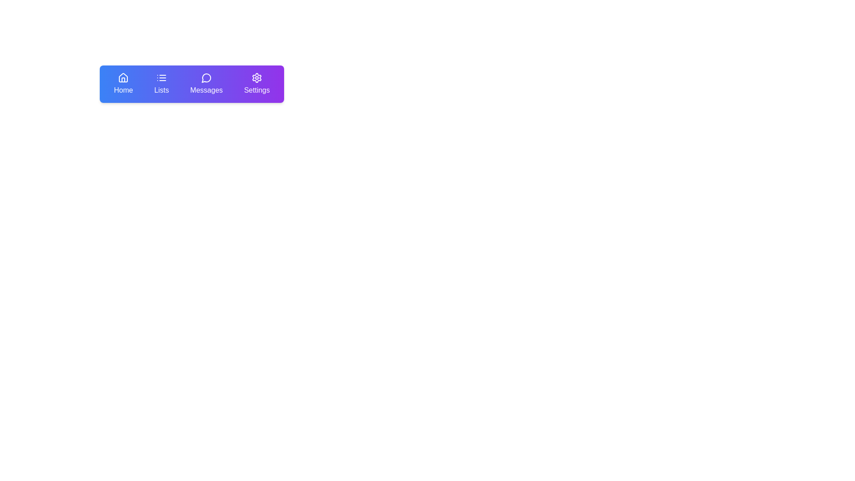 The width and height of the screenshot is (855, 481). I want to click on the 'Lists' icon located in the navigation bar, which is the second item from the left, so click(162, 77).